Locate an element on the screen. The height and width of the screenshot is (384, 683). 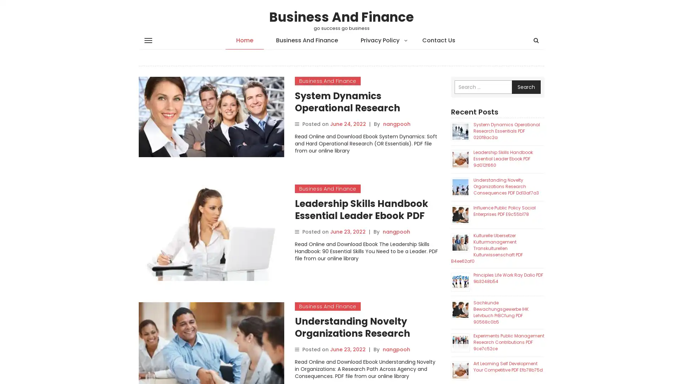
Search is located at coordinates (526, 87).